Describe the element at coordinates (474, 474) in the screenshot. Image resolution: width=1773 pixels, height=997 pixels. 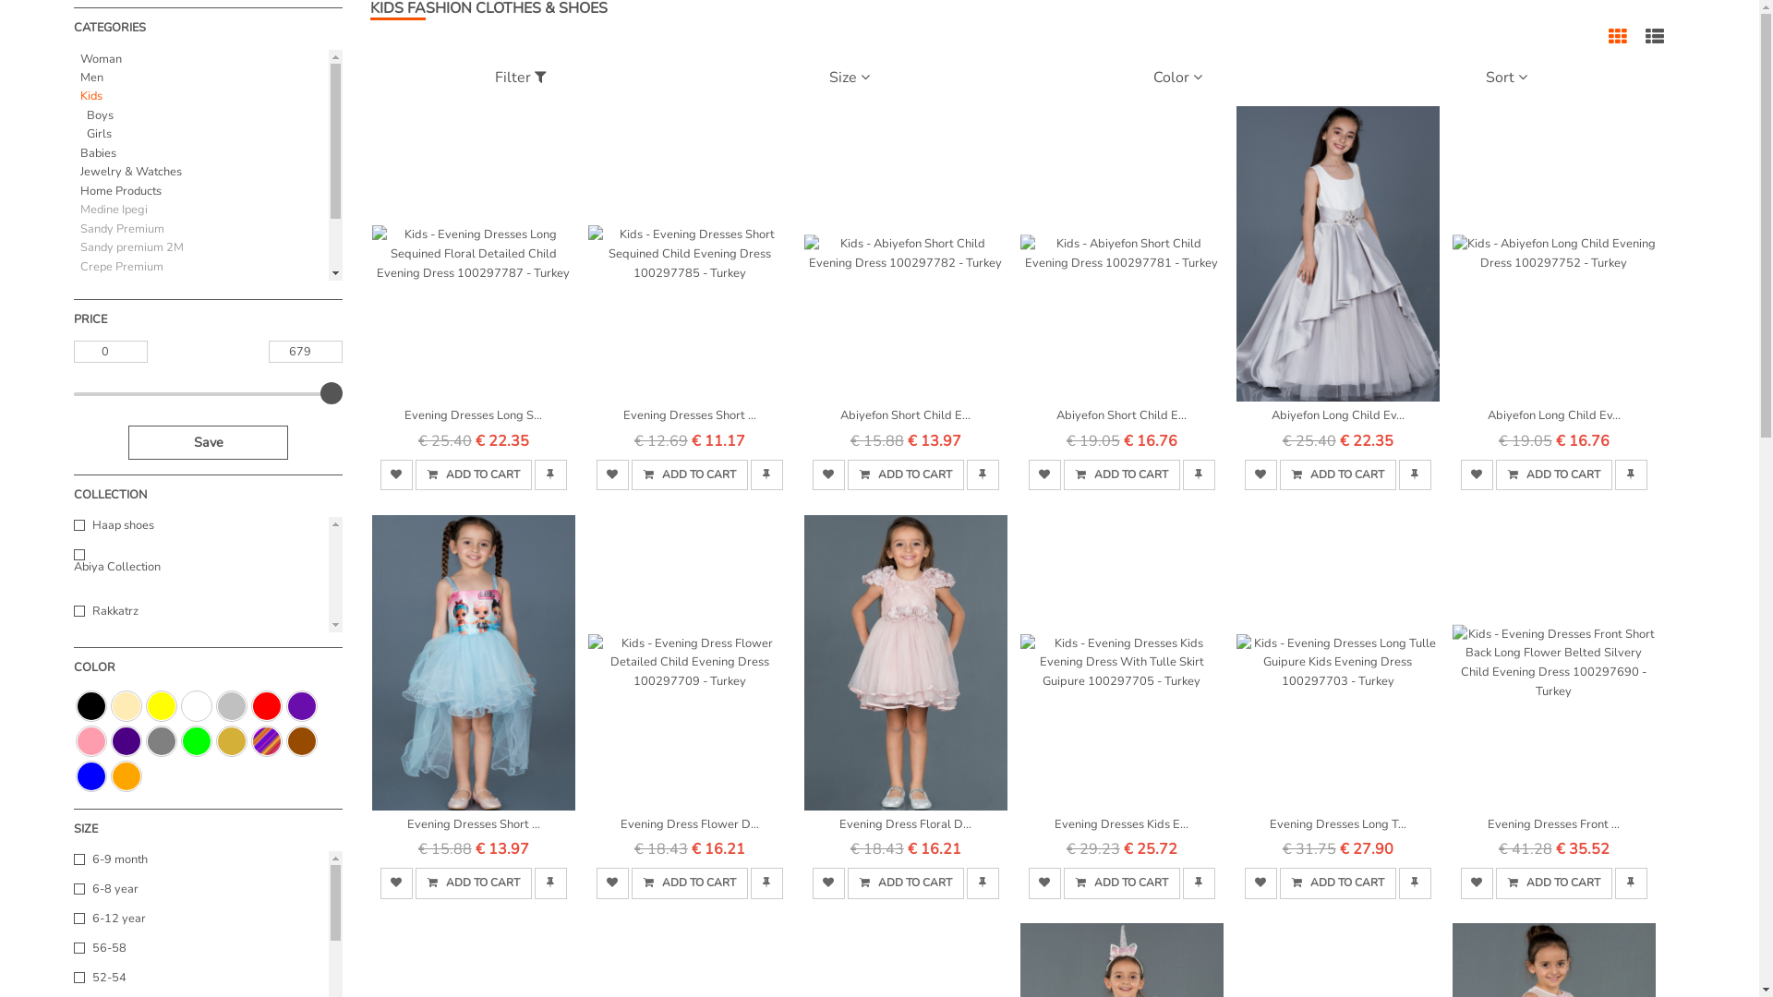
I see `'  ADD TO CART'` at that location.